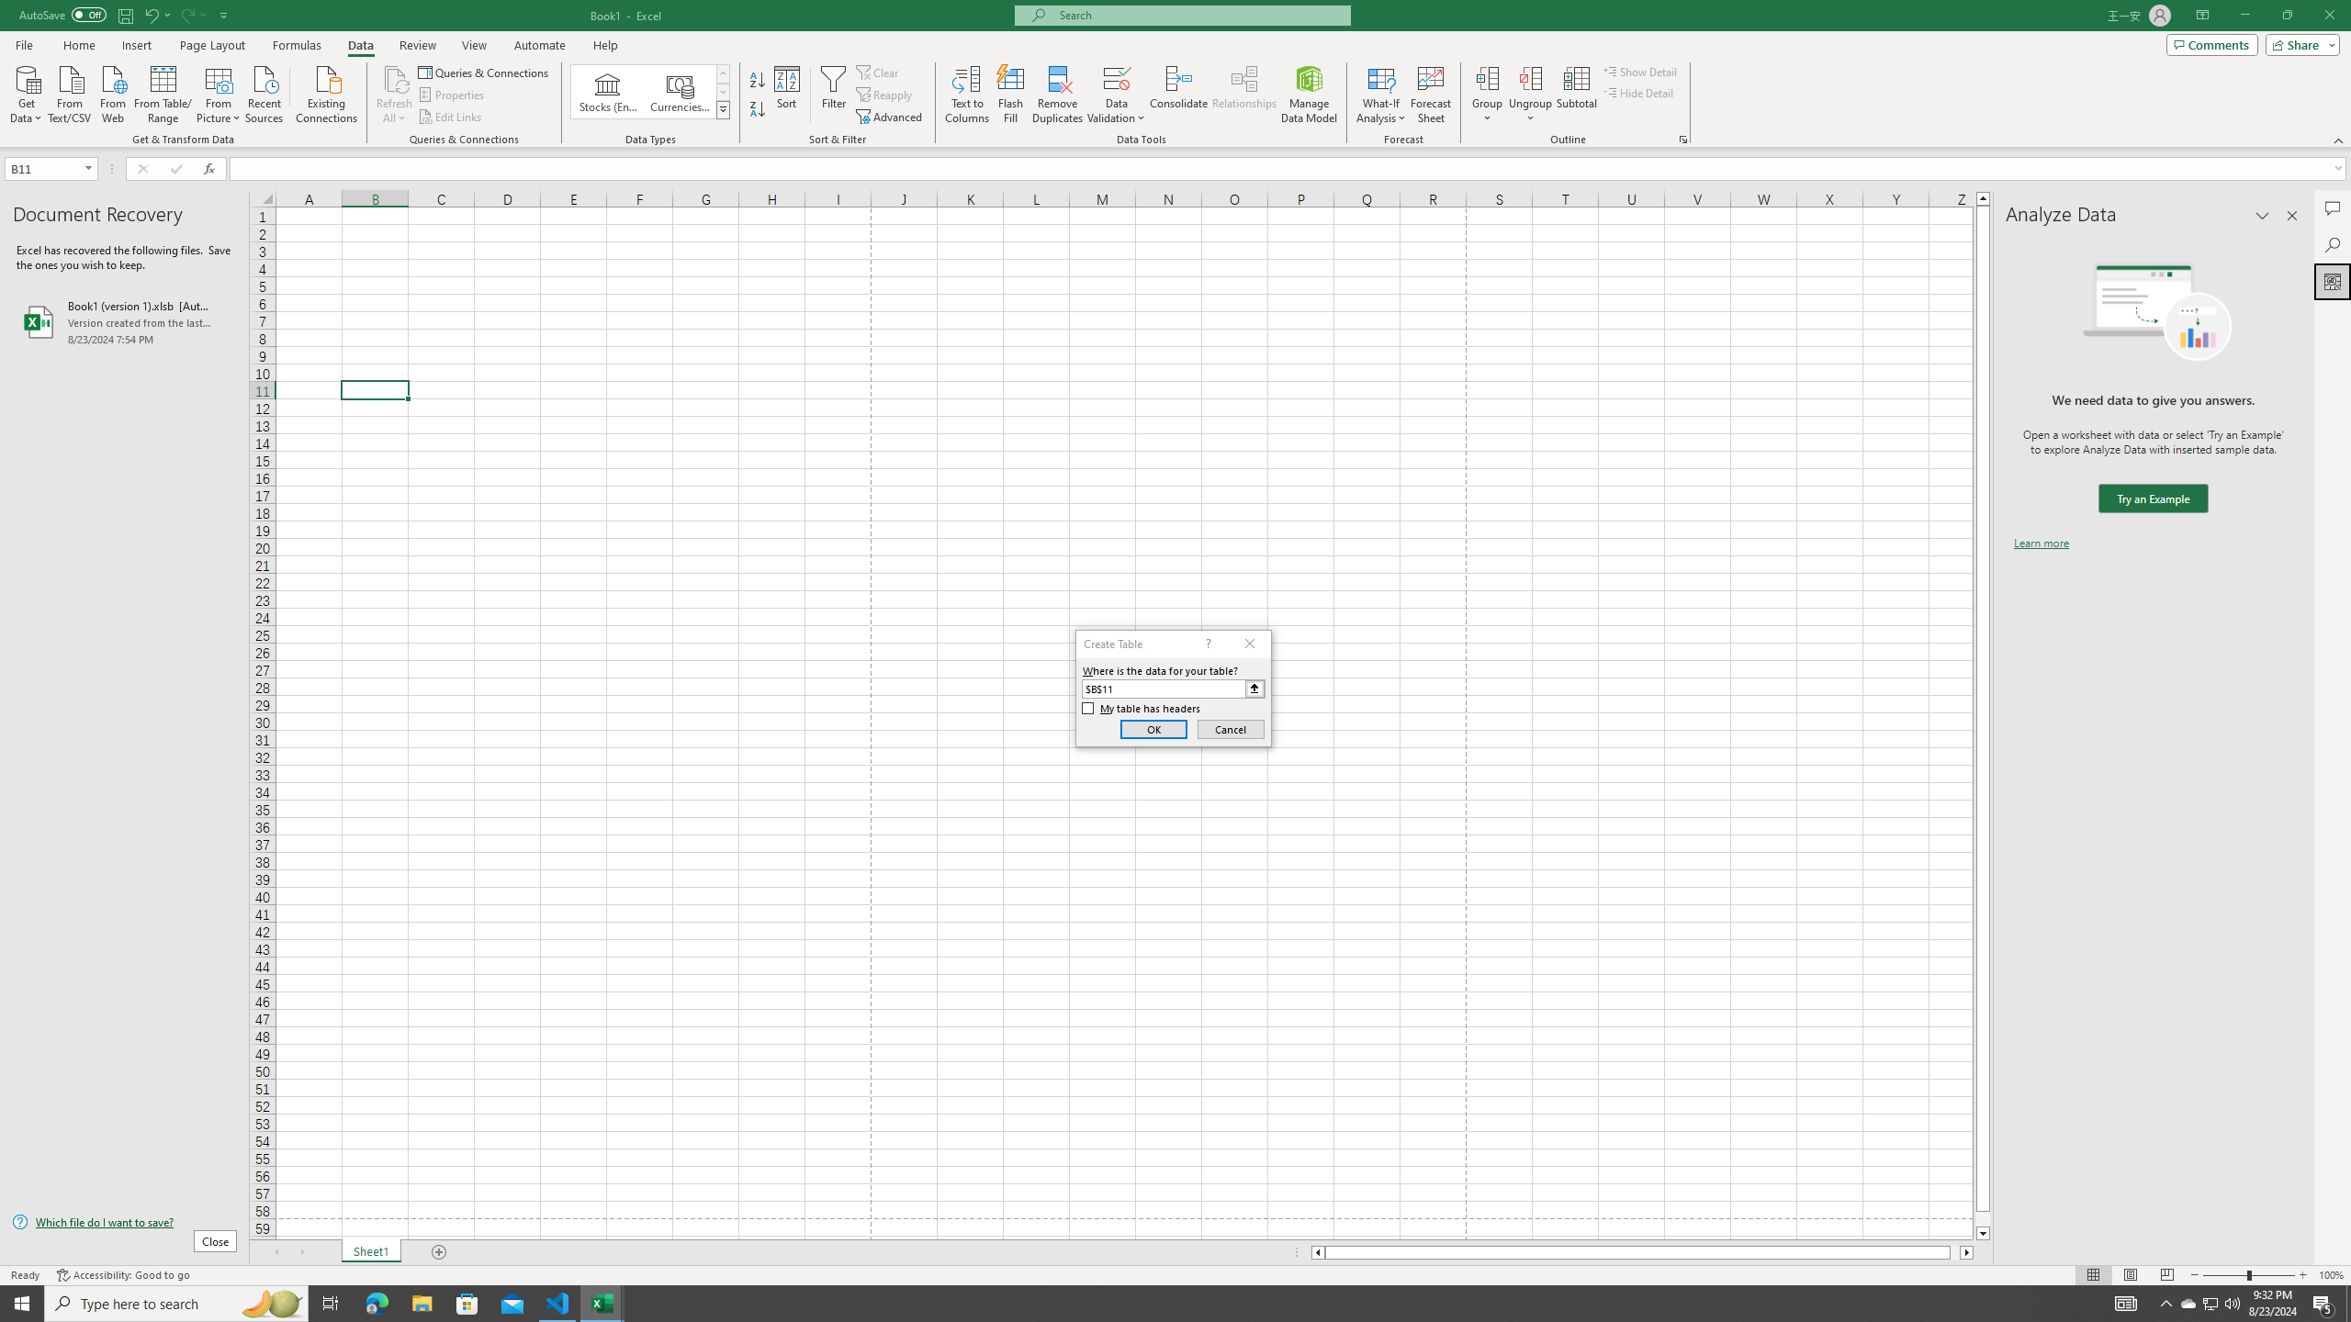 This screenshot has width=2351, height=1322. What do you see at coordinates (394, 95) in the screenshot?
I see `'Refresh All'` at bounding box center [394, 95].